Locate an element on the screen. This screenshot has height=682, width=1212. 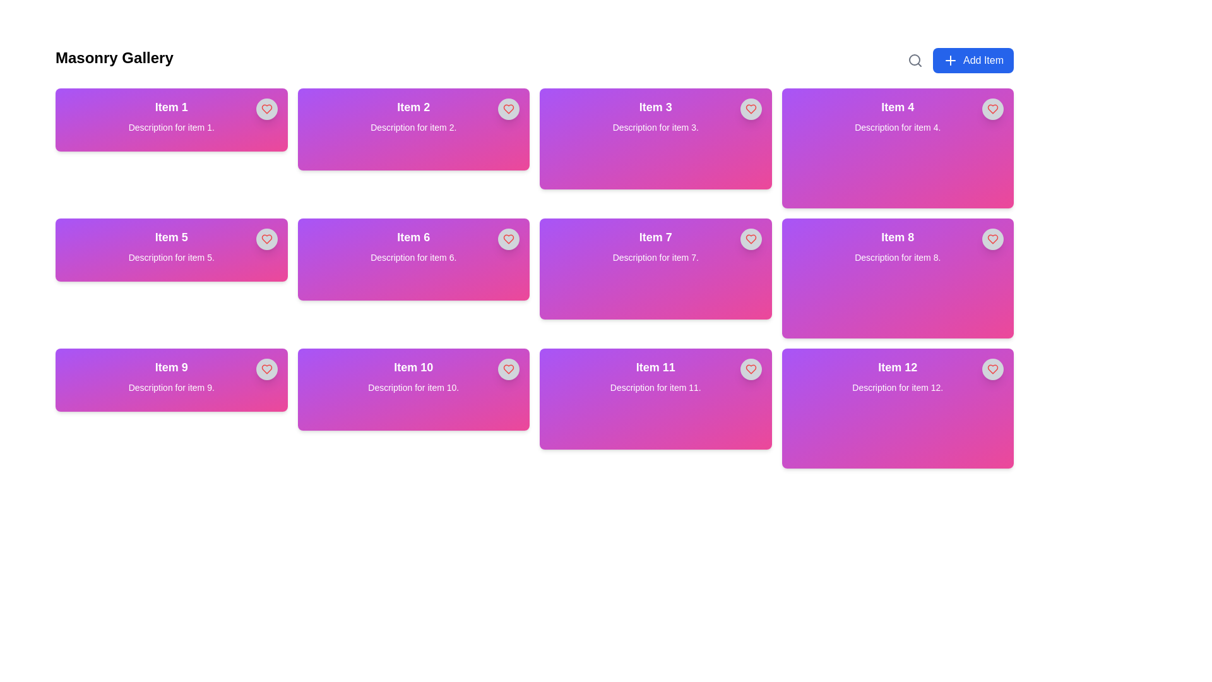
the interactive components of the 12th card in the grid layout, located in the fourth column and third row, which displays its title and description is located at coordinates (896, 409).